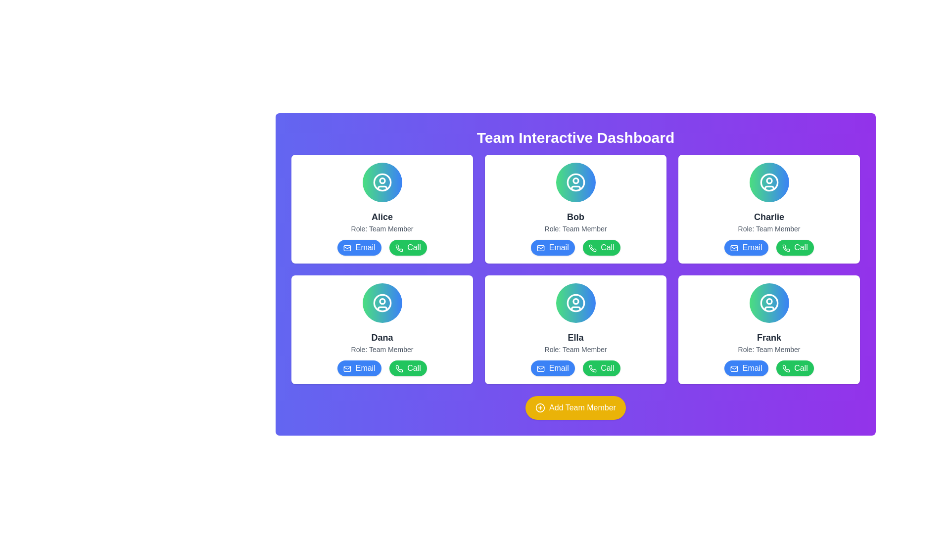  What do you see at coordinates (399, 247) in the screenshot?
I see `the 'Call' button, which features a dark green phone handset icon, to trigger the call action` at bounding box center [399, 247].